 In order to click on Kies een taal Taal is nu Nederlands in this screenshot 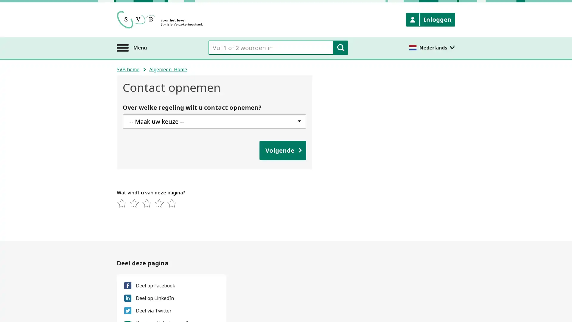, I will do `click(432, 47)`.